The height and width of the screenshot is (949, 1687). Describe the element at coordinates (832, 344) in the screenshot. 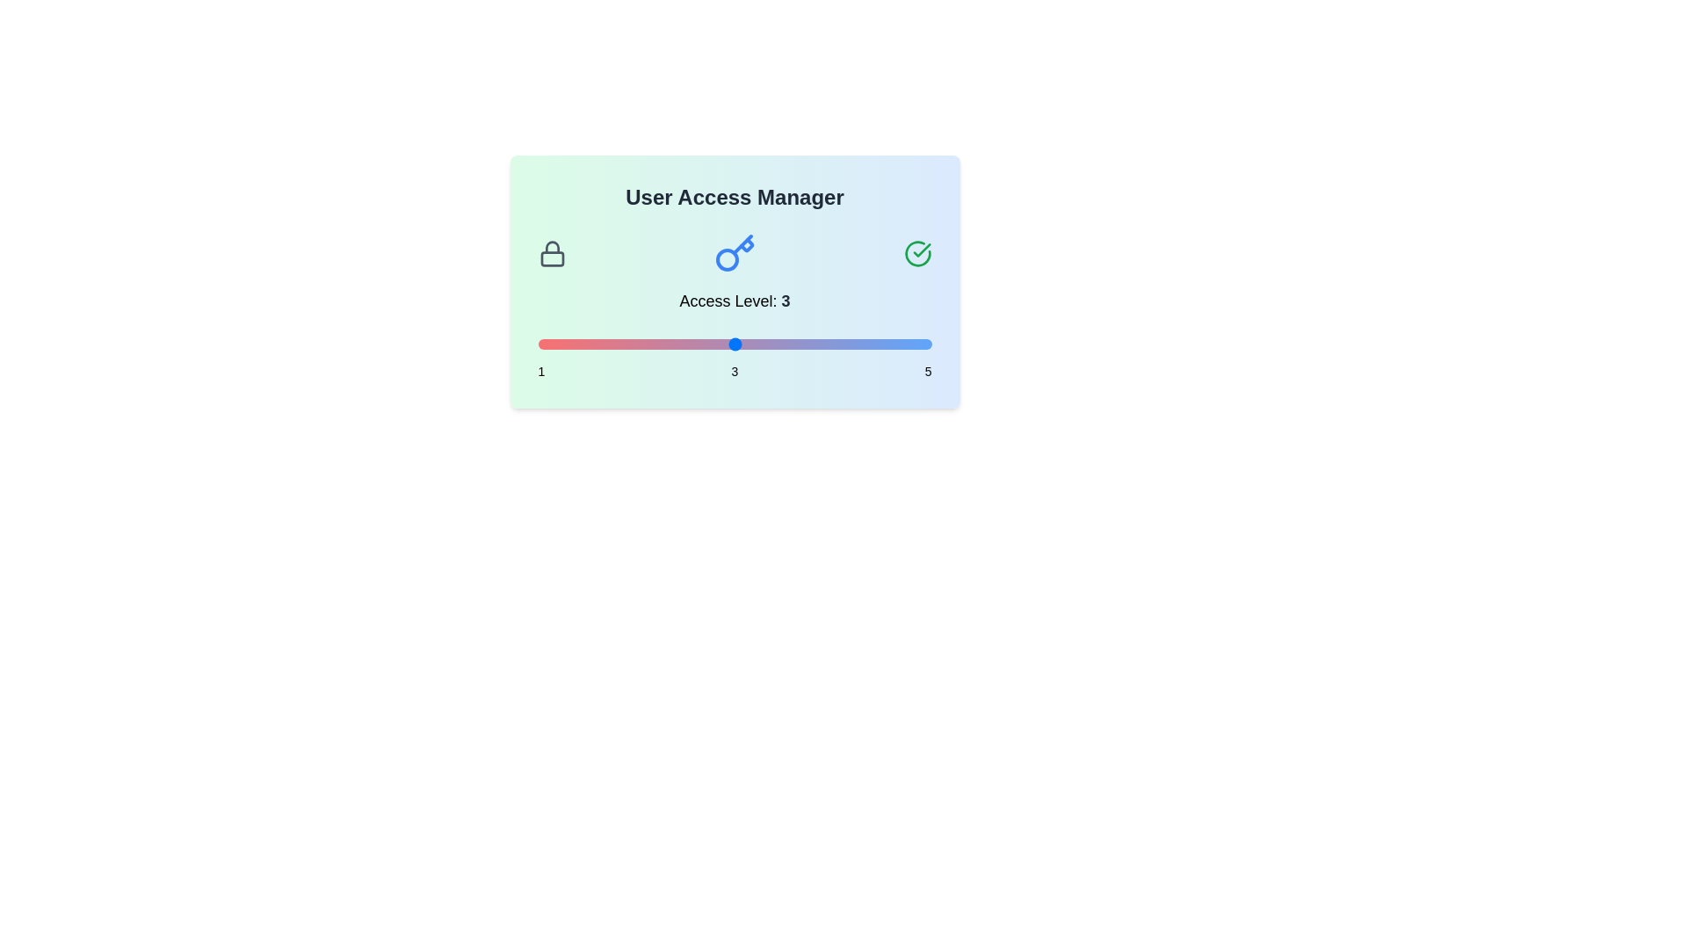

I see `the access level slider to 4` at that location.